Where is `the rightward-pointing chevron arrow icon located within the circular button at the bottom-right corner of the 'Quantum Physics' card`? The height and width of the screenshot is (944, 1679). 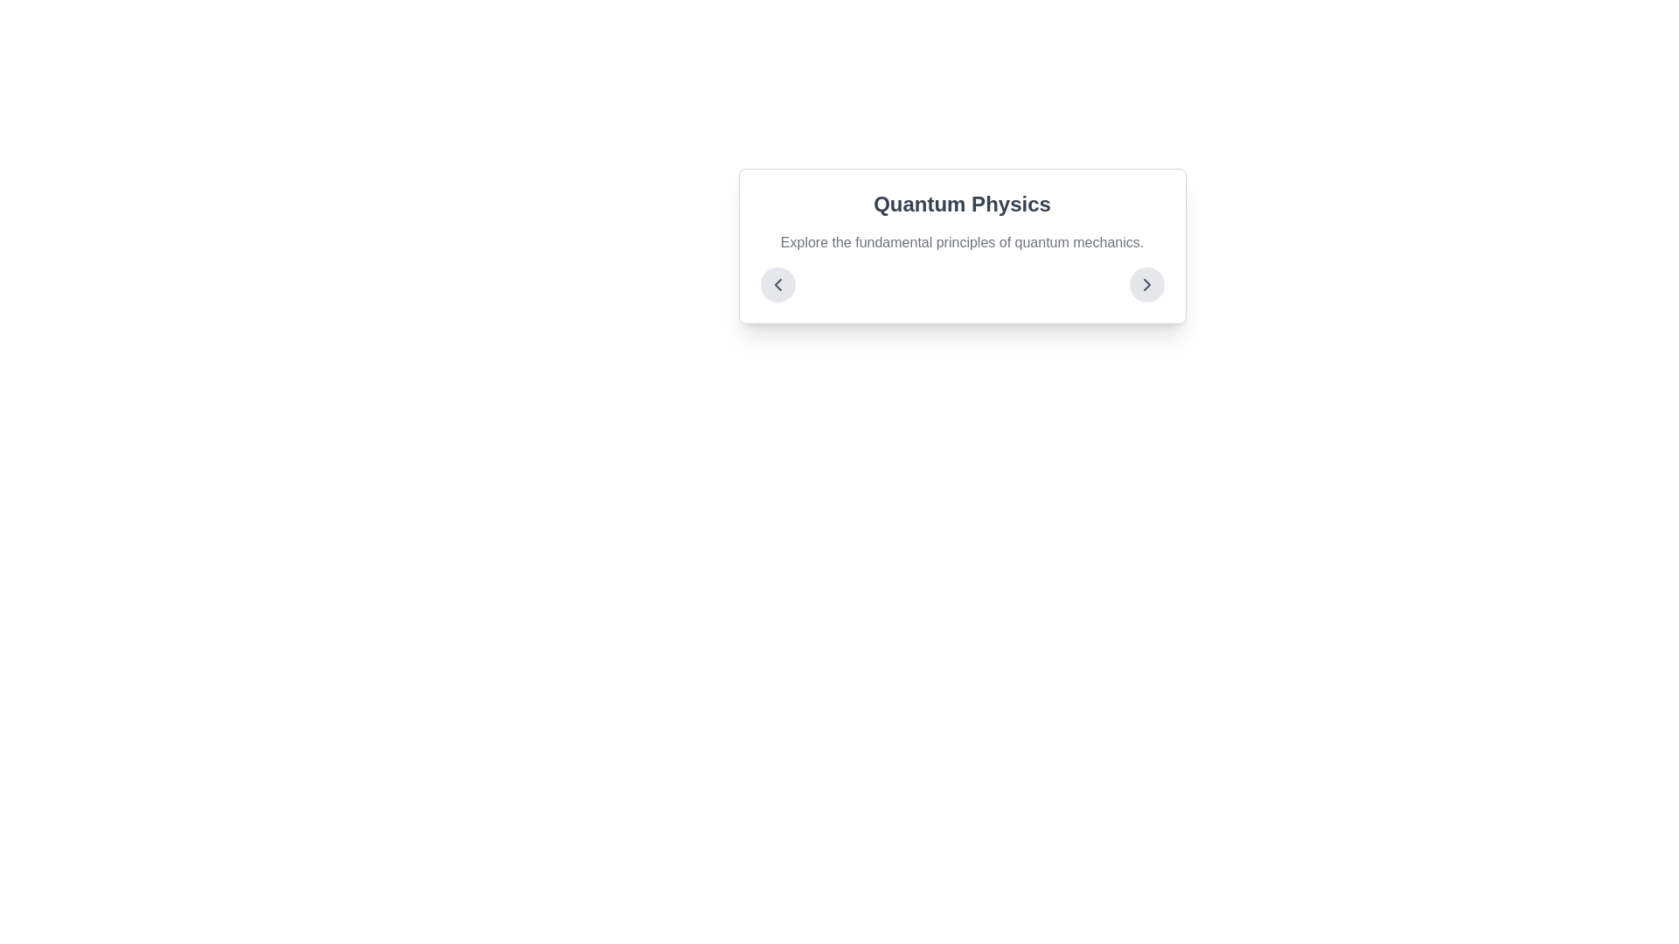 the rightward-pointing chevron arrow icon located within the circular button at the bottom-right corner of the 'Quantum Physics' card is located at coordinates (1146, 284).